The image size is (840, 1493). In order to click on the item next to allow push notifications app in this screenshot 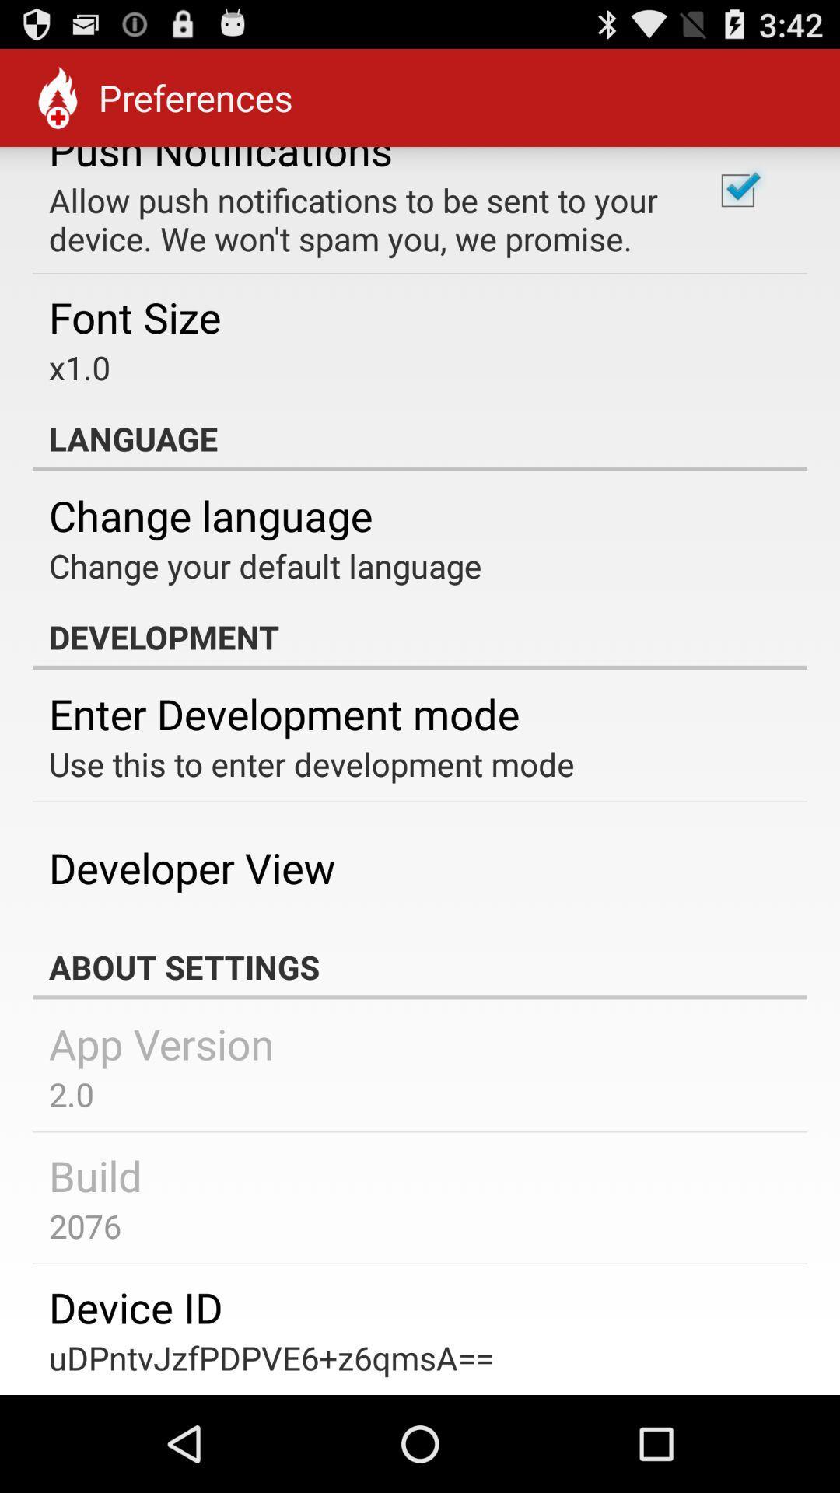, I will do `click(737, 190)`.